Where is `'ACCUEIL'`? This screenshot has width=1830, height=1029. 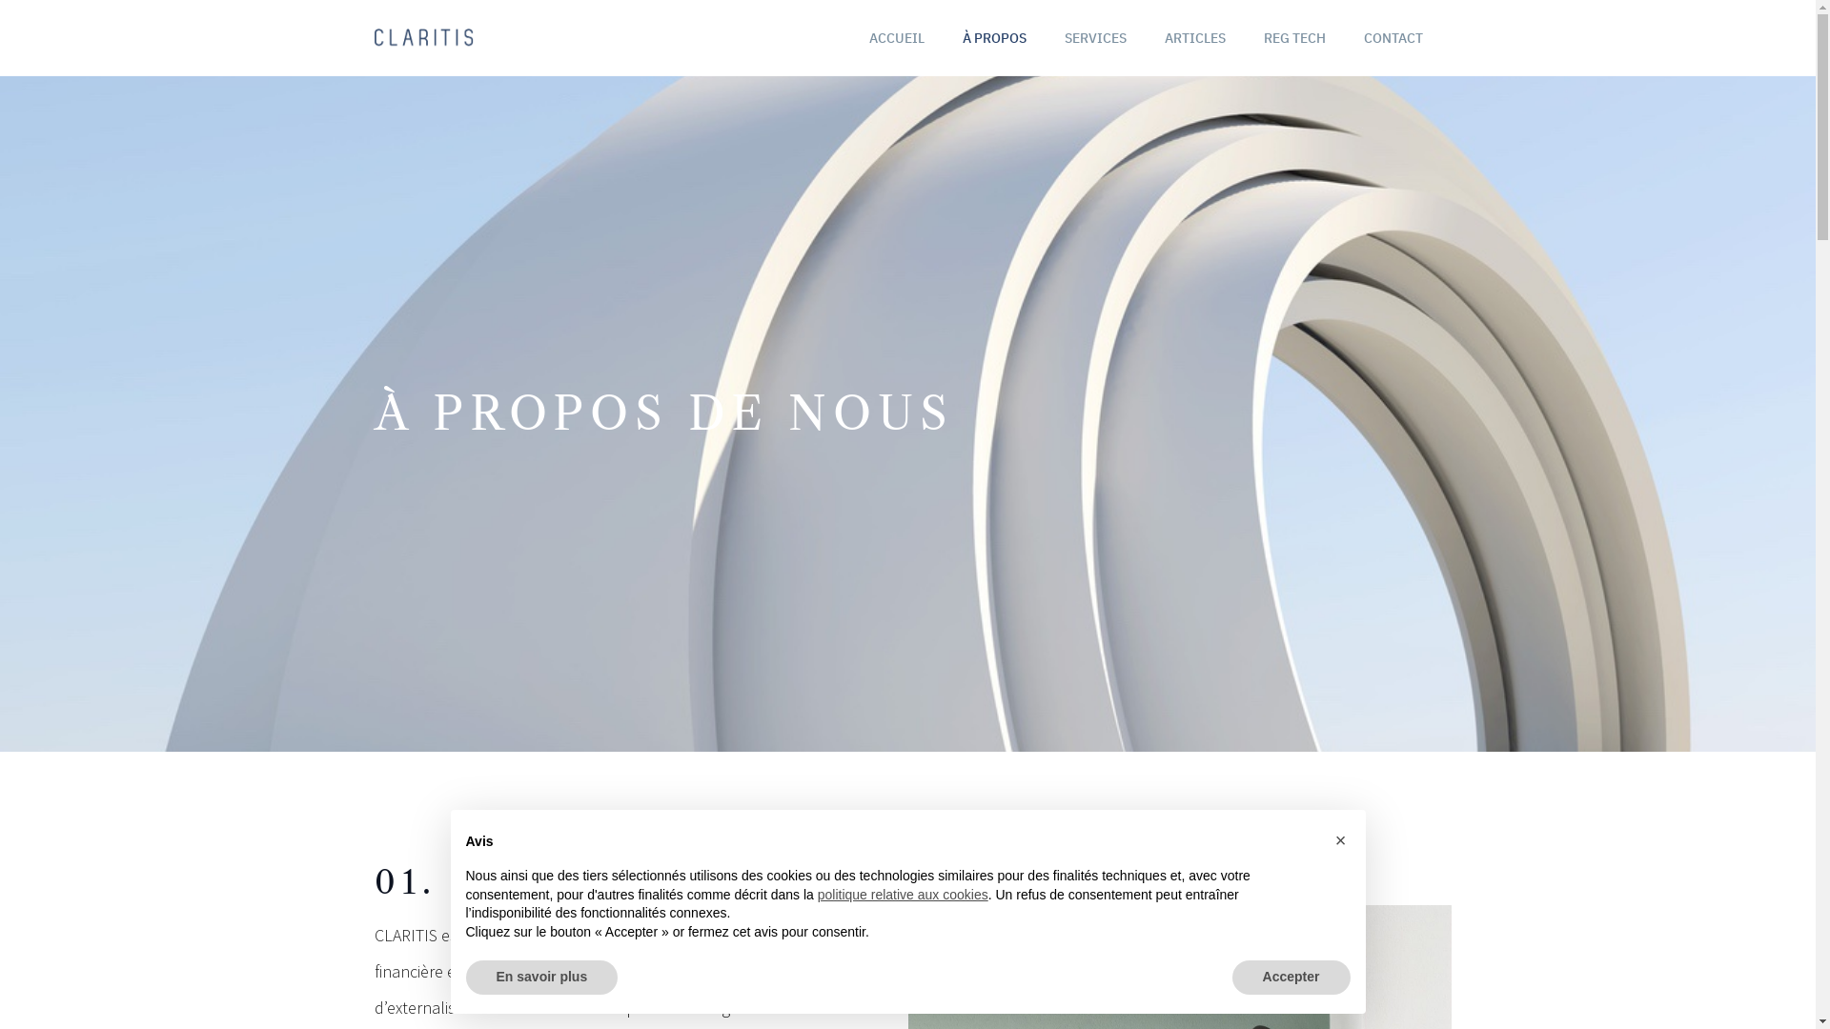
'ACCUEIL' is located at coordinates (849, 37).